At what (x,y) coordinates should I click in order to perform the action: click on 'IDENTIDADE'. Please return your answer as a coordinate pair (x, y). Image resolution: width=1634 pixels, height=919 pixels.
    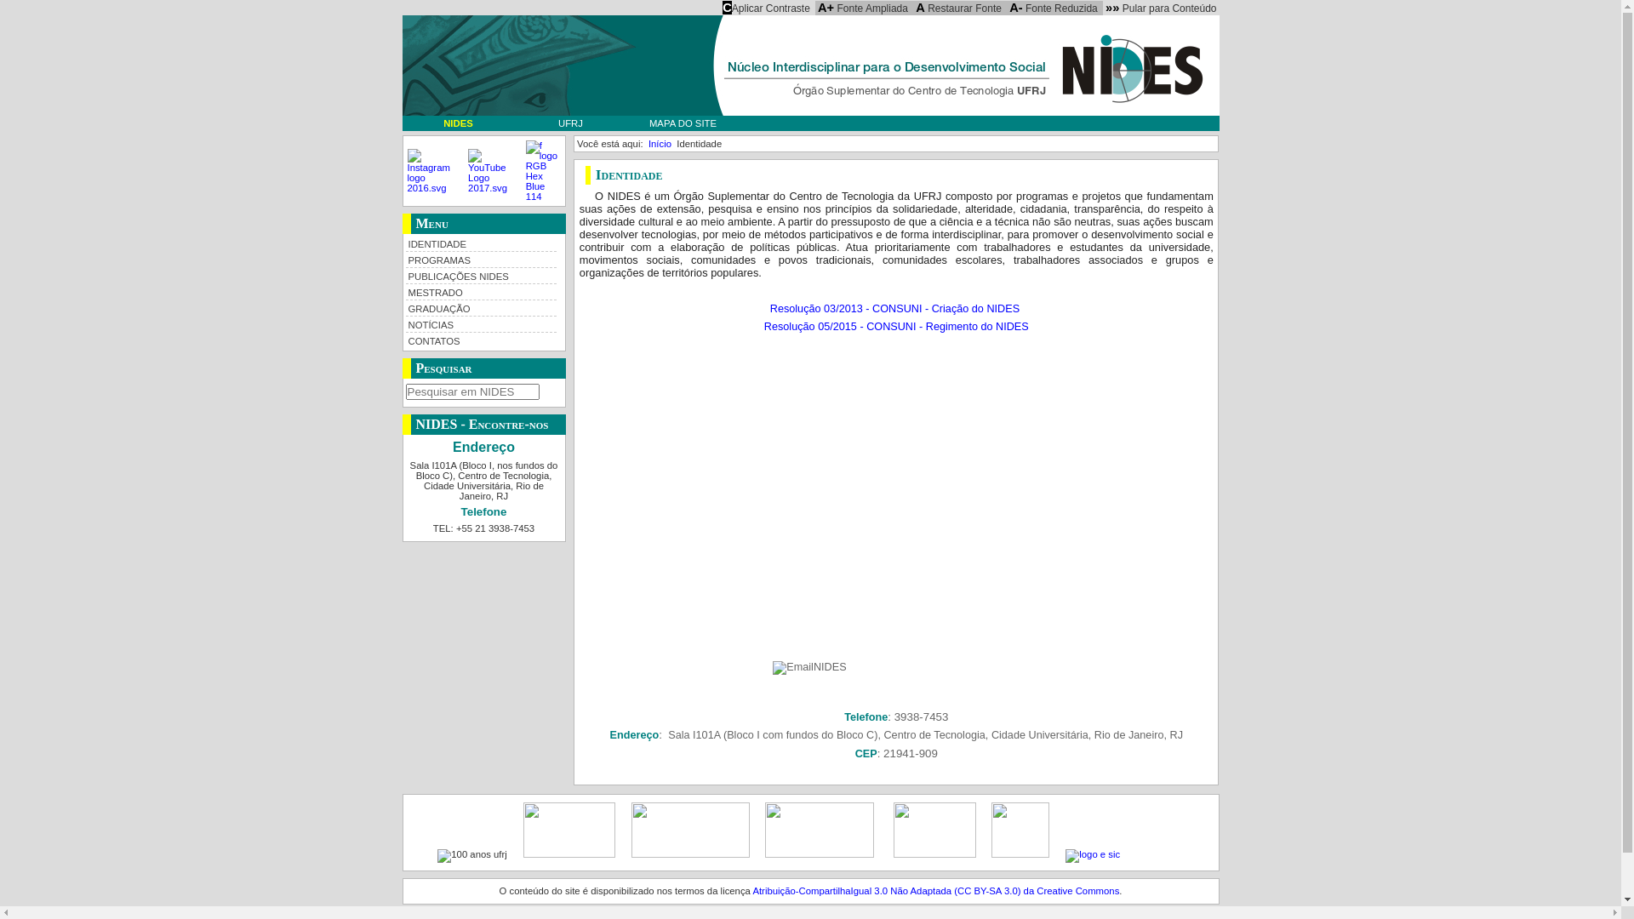
    Looking at the image, I should click on (480, 243).